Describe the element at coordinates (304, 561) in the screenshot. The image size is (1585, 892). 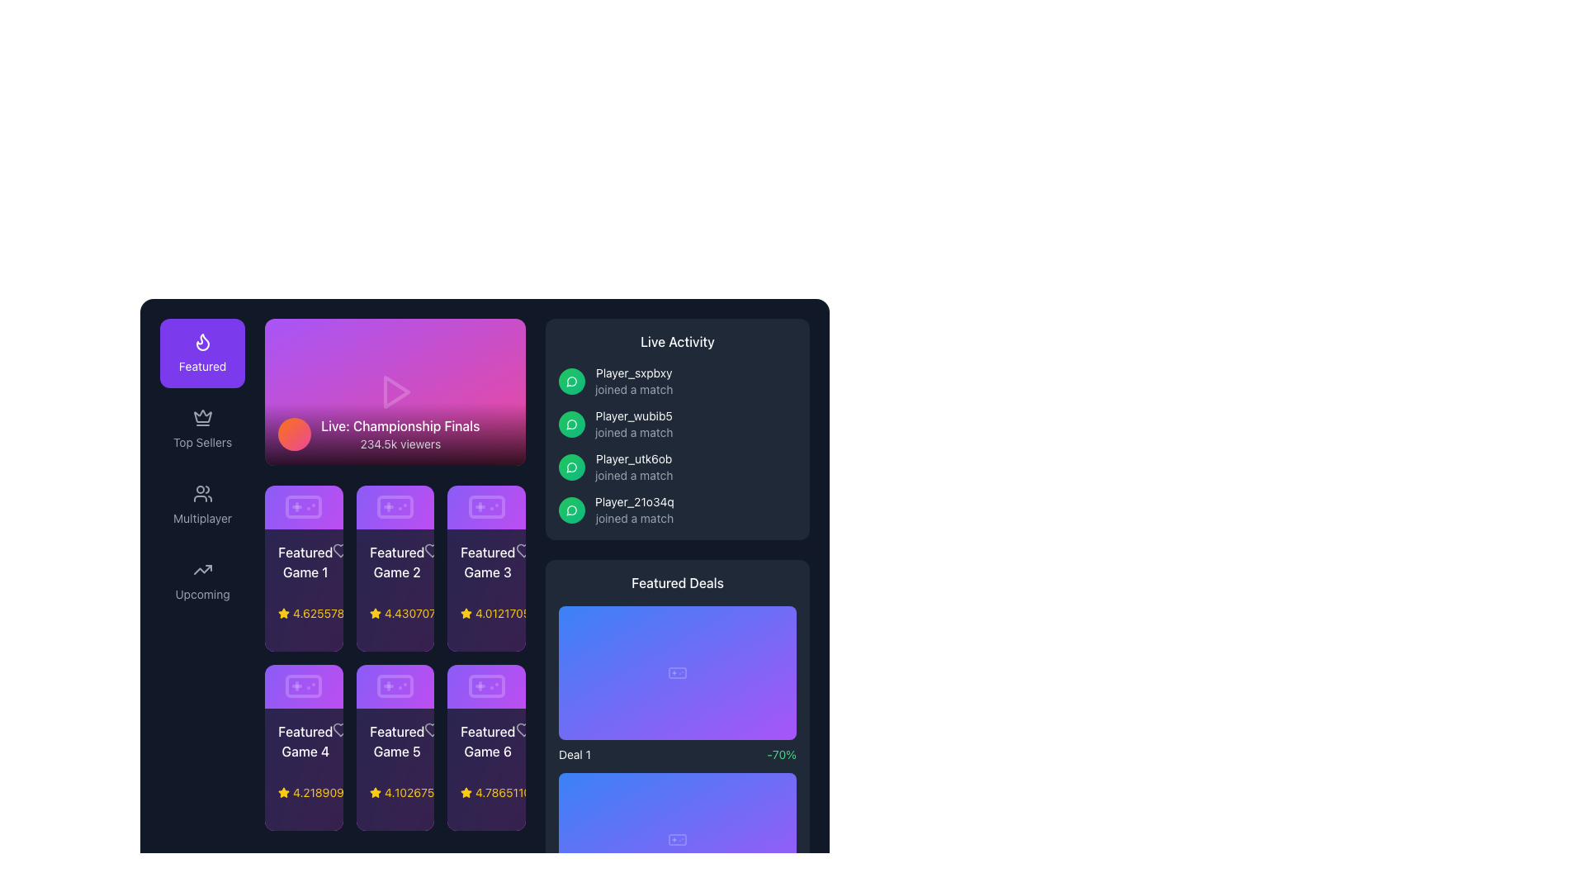
I see `the title label of the featured game item located in the first grid item under the 'Featured Games' section` at that location.